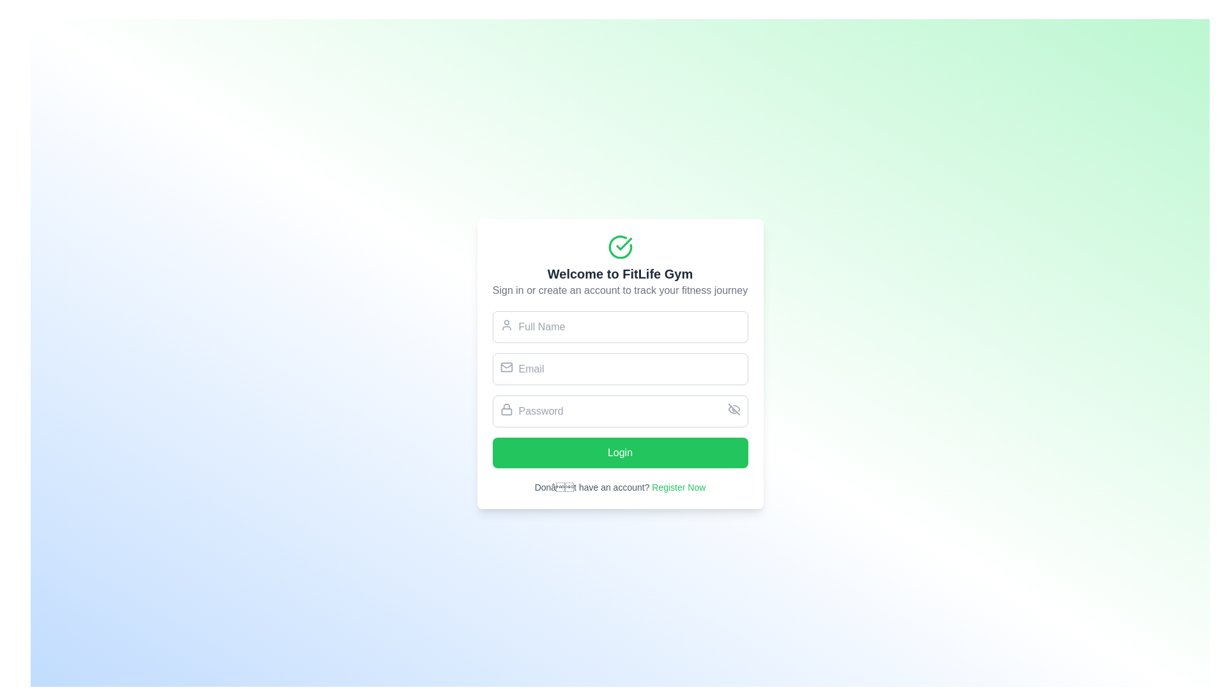 This screenshot has width=1227, height=690. What do you see at coordinates (620, 247) in the screenshot?
I see `the positive status icon located at the center-top of the card, directly above the bold text 'Welcome to FitLife Gym'` at bounding box center [620, 247].